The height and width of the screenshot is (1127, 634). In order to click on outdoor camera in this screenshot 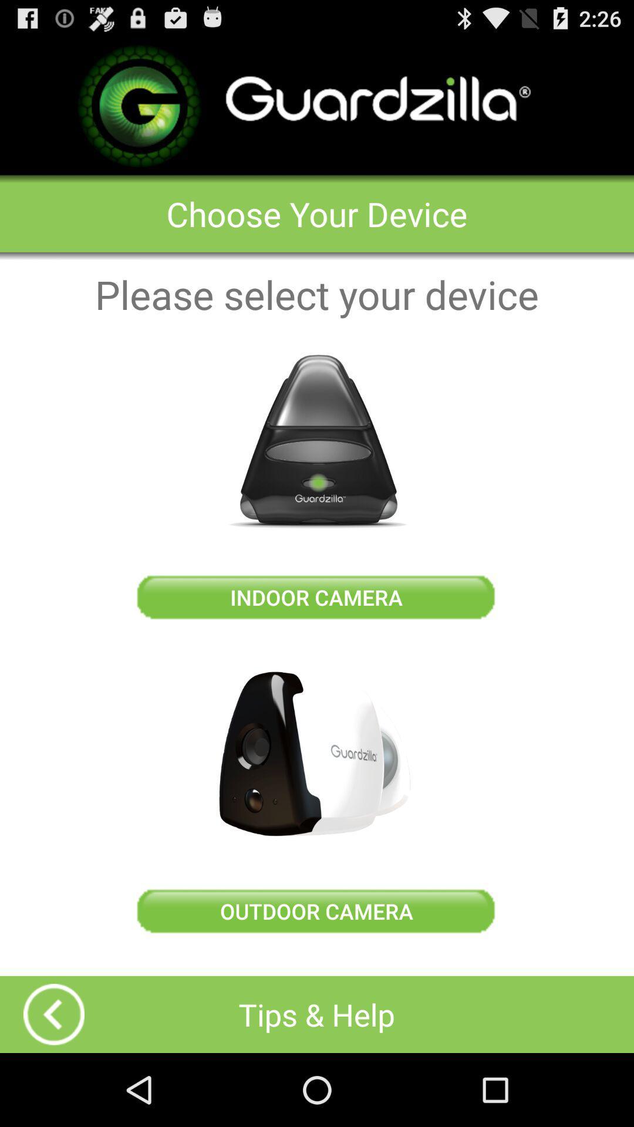, I will do `click(316, 754)`.